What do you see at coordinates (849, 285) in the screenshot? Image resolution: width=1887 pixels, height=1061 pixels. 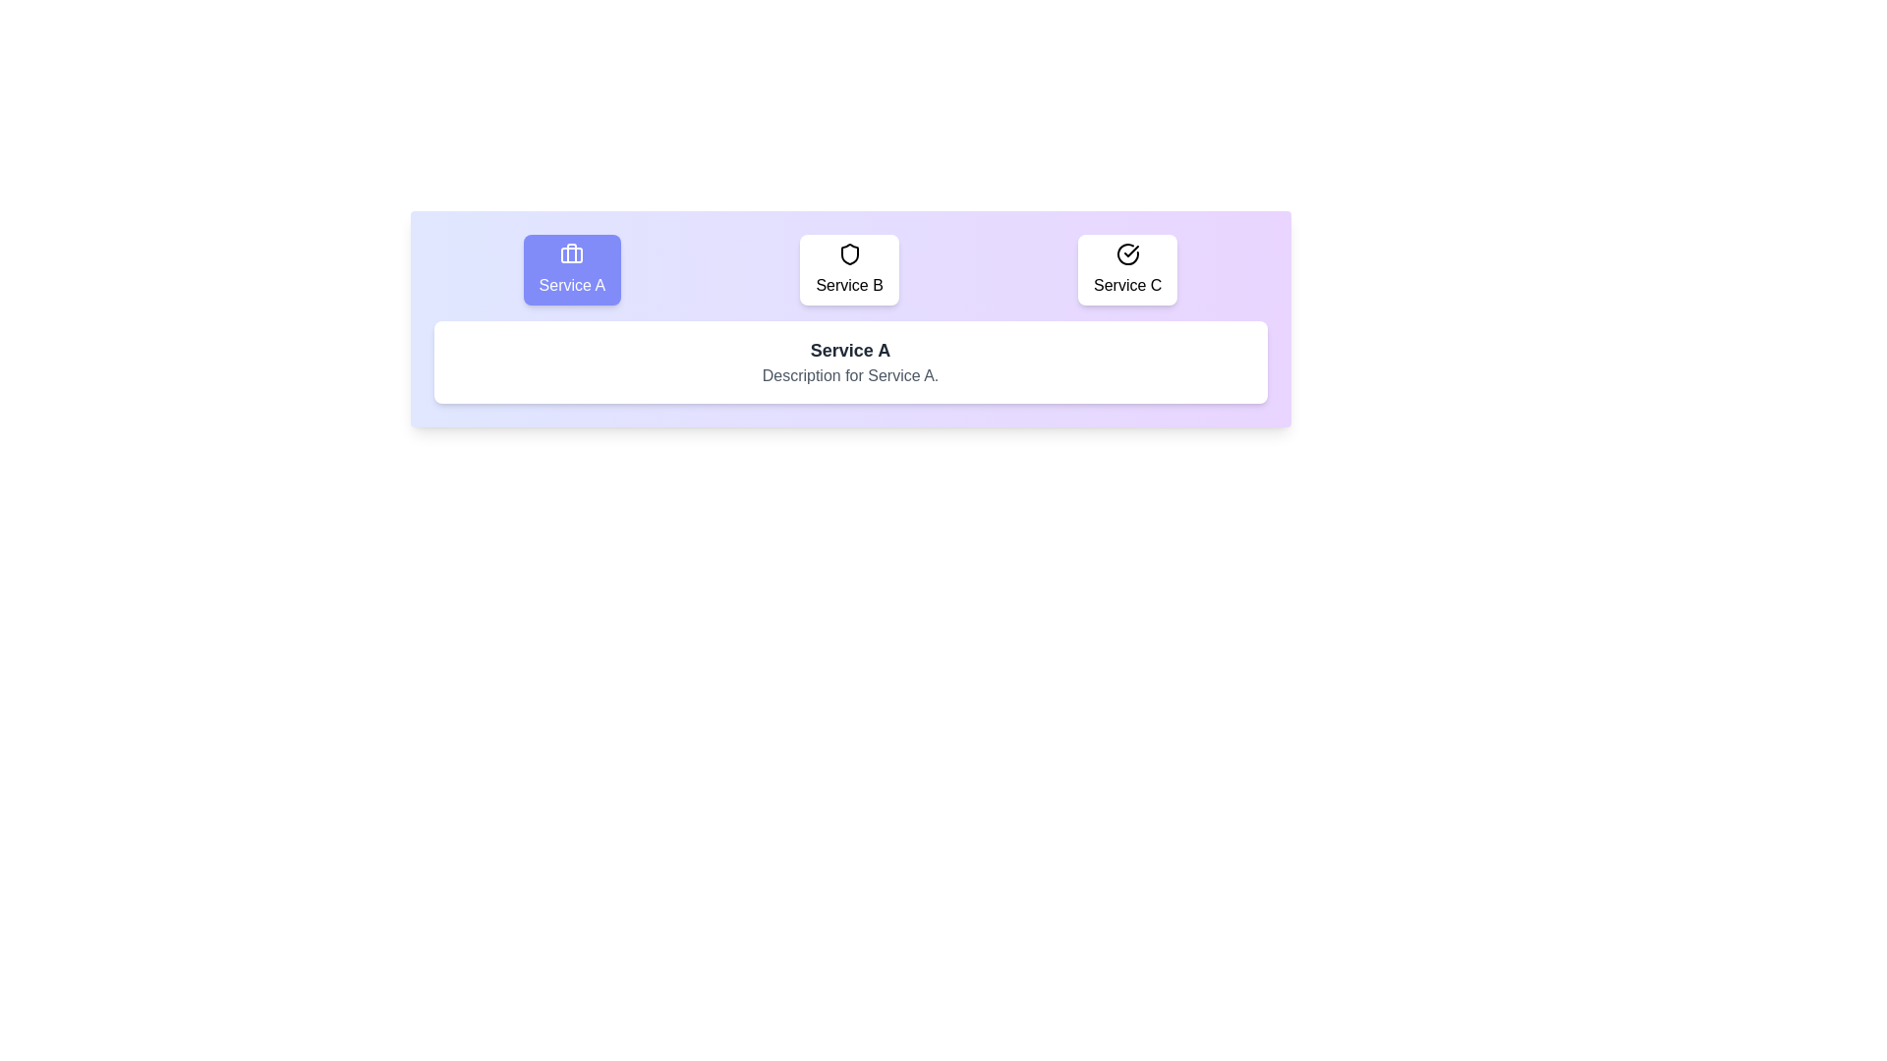 I see `text content of the text label displaying 'Service B' in a black font, located below the shield icon in a rounded white card` at bounding box center [849, 285].